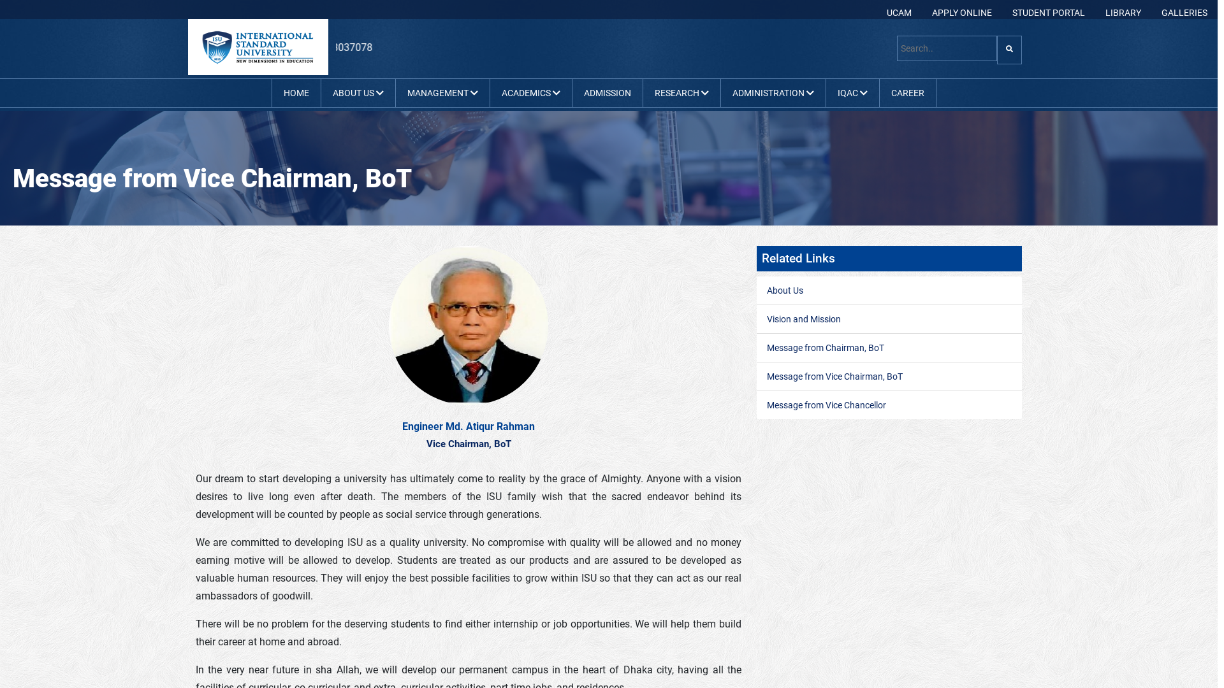 The width and height of the screenshot is (1224, 688). I want to click on 'LIBRARY', so click(1123, 12).